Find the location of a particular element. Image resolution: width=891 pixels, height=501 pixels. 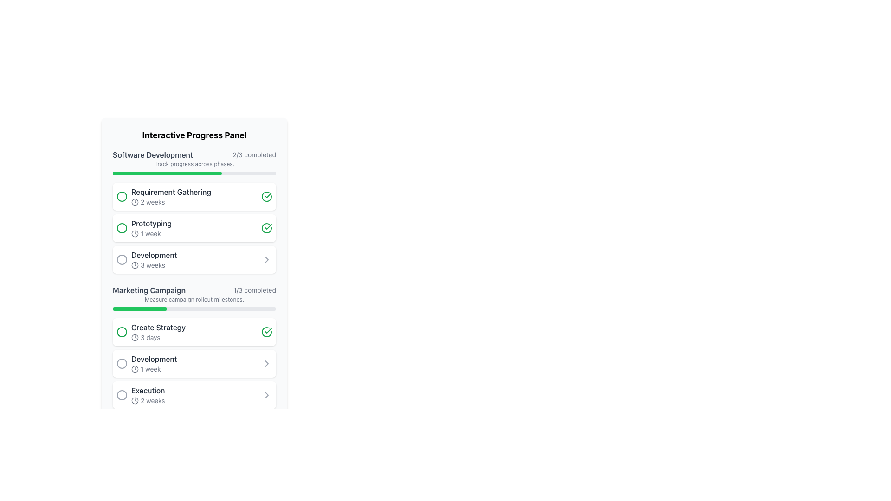

the circular SVG element styled with a stroke that resembles a clock face, located in the 'Marketing Campaign' section next to the 'Create Strategy' task and adjacent to the text '3 days' is located at coordinates (135, 338).